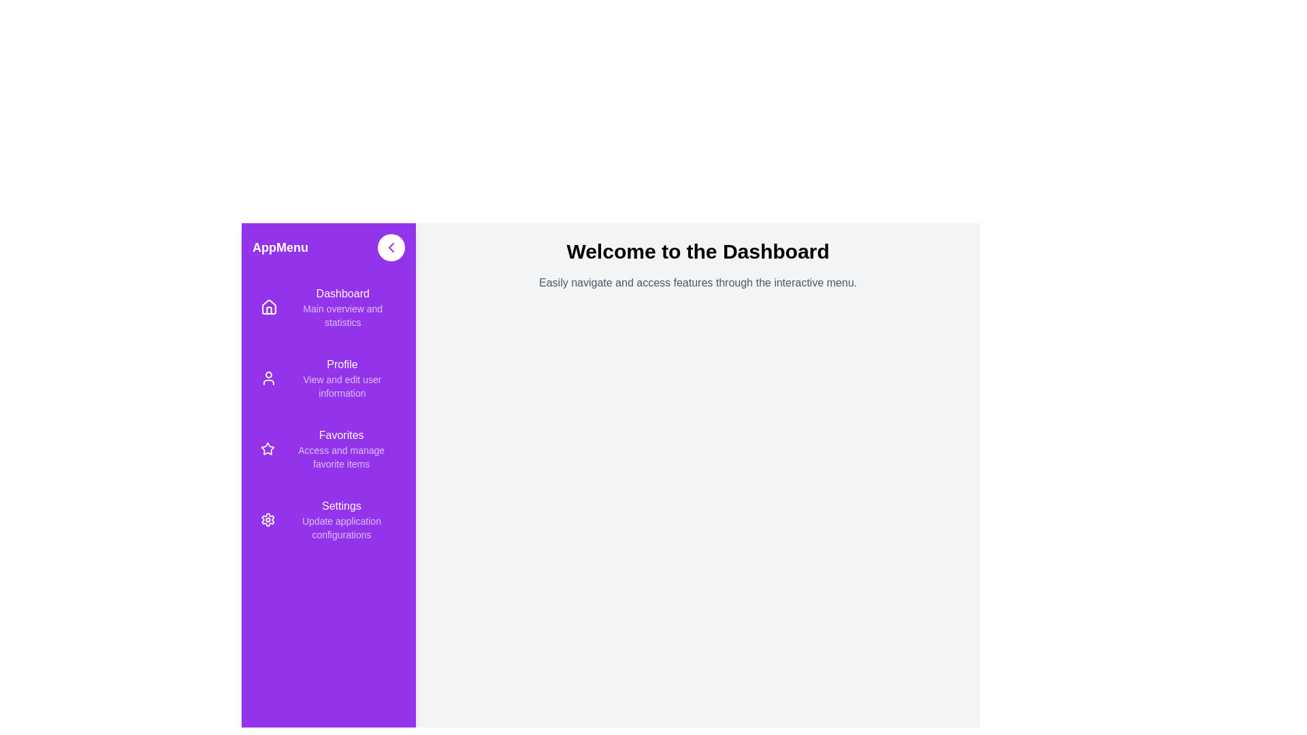  I want to click on the menu item Dashboard to highlight it, so click(329, 307).